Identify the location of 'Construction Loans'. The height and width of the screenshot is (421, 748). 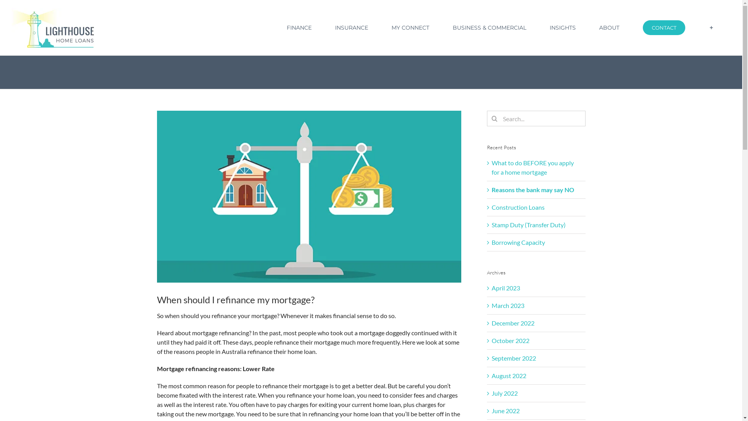
(518, 207).